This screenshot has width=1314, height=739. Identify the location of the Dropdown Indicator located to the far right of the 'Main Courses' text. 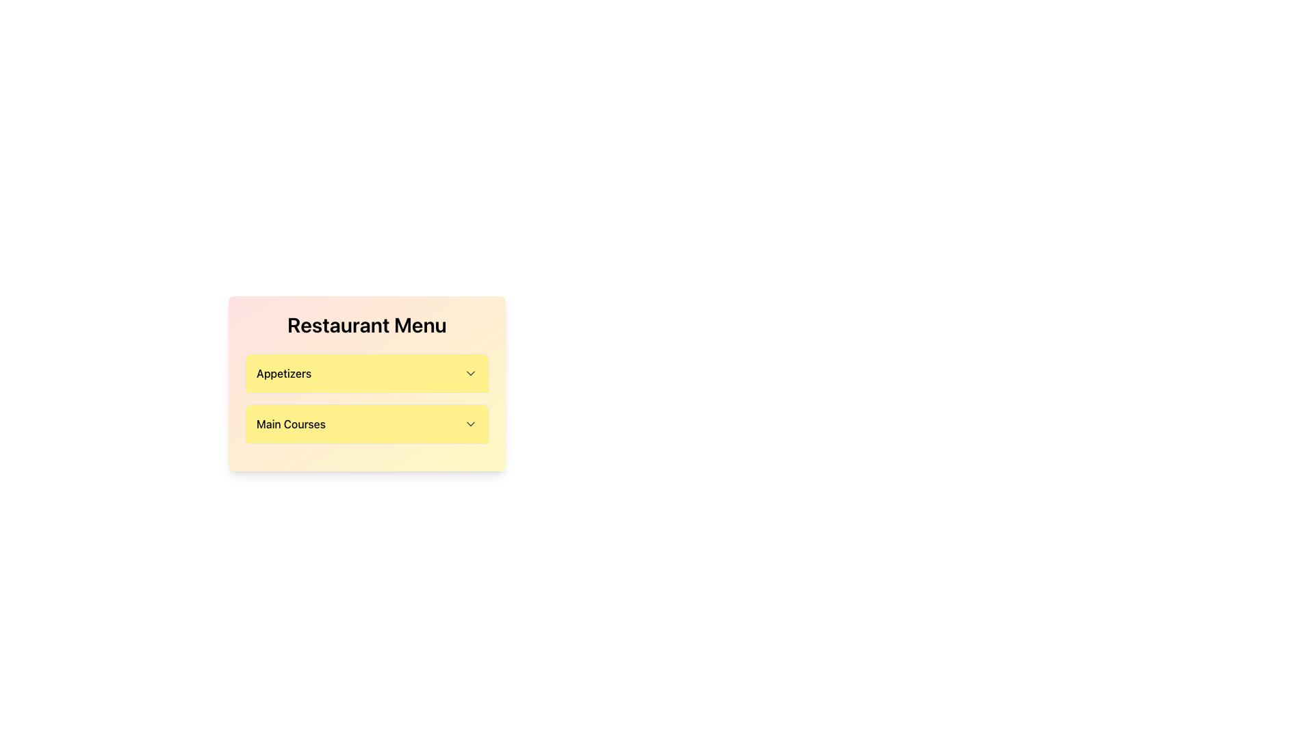
(470, 424).